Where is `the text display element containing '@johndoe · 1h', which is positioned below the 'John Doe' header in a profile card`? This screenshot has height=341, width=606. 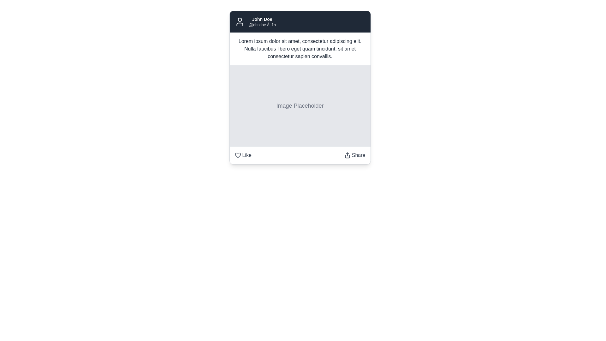 the text display element containing '@johndoe · 1h', which is positioned below the 'John Doe' header in a profile card is located at coordinates (262, 24).